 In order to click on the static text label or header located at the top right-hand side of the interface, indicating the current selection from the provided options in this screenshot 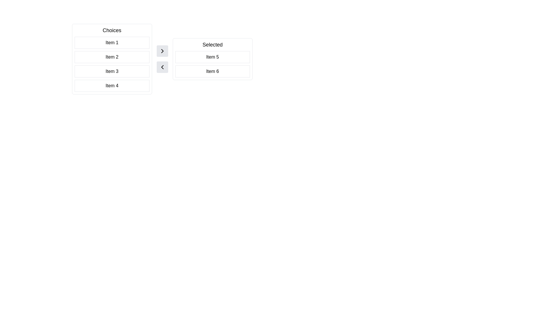, I will do `click(212, 44)`.